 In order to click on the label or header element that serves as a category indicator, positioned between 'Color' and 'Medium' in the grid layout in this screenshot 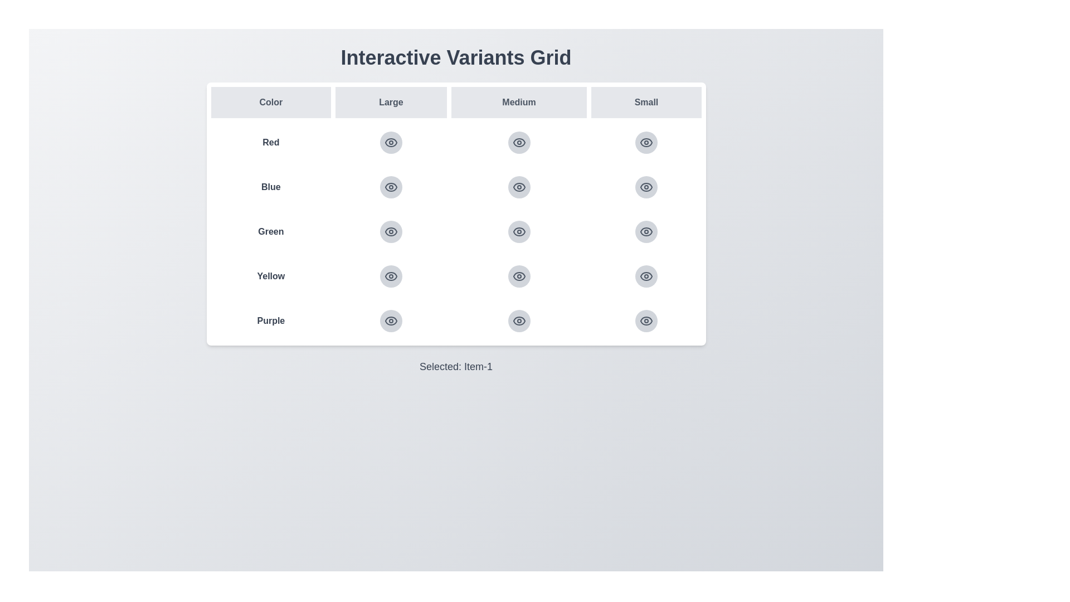, I will do `click(391, 103)`.